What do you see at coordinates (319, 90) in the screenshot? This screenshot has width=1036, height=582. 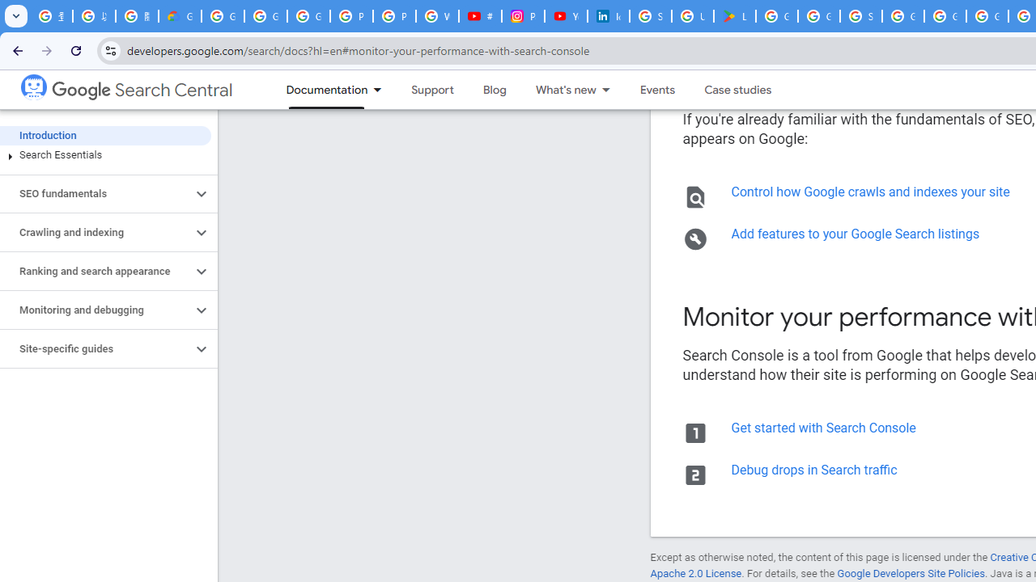 I see `'Documentation, selected'` at bounding box center [319, 90].